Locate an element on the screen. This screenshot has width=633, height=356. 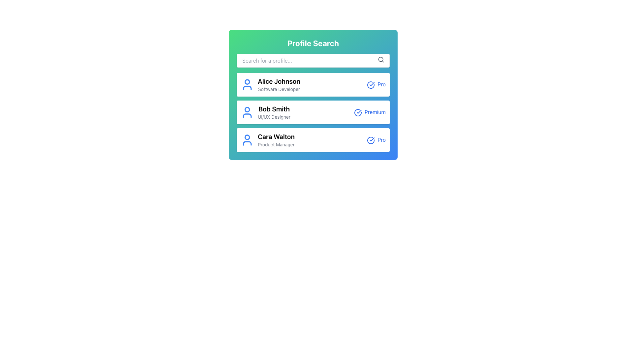
the 'Pro' designation icon located adjacent to 'Alice Johnson' in the top list item is located at coordinates (371, 84).